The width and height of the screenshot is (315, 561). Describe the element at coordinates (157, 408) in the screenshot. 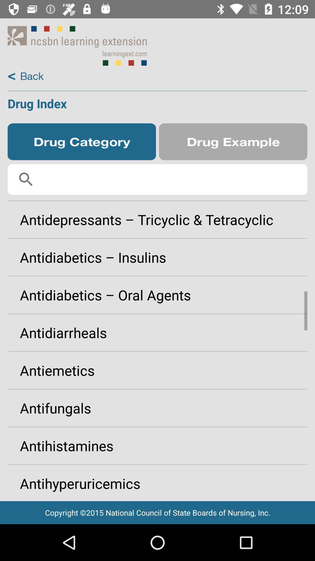

I see `antifungals` at that location.